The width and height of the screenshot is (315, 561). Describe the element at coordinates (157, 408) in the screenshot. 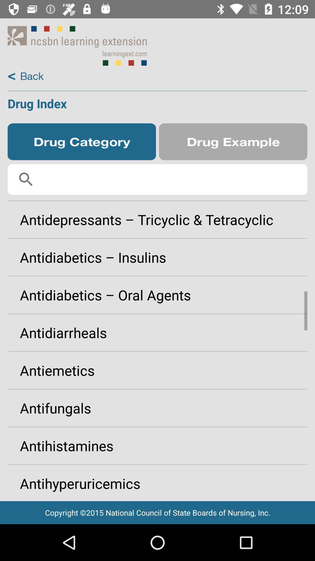

I see `antifungals` at that location.